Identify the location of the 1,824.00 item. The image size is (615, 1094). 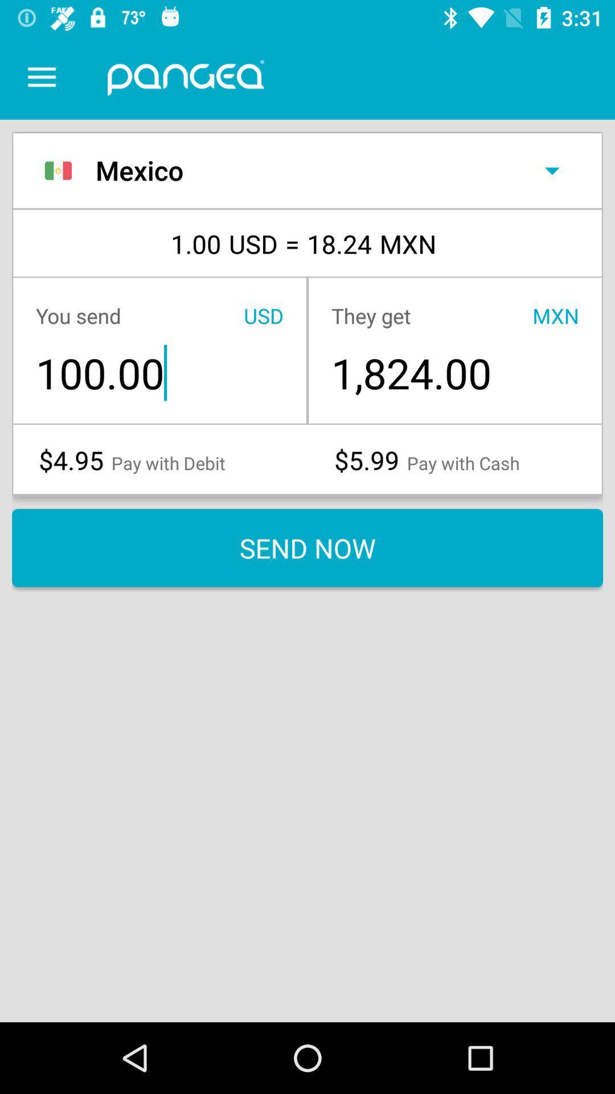
(454, 373).